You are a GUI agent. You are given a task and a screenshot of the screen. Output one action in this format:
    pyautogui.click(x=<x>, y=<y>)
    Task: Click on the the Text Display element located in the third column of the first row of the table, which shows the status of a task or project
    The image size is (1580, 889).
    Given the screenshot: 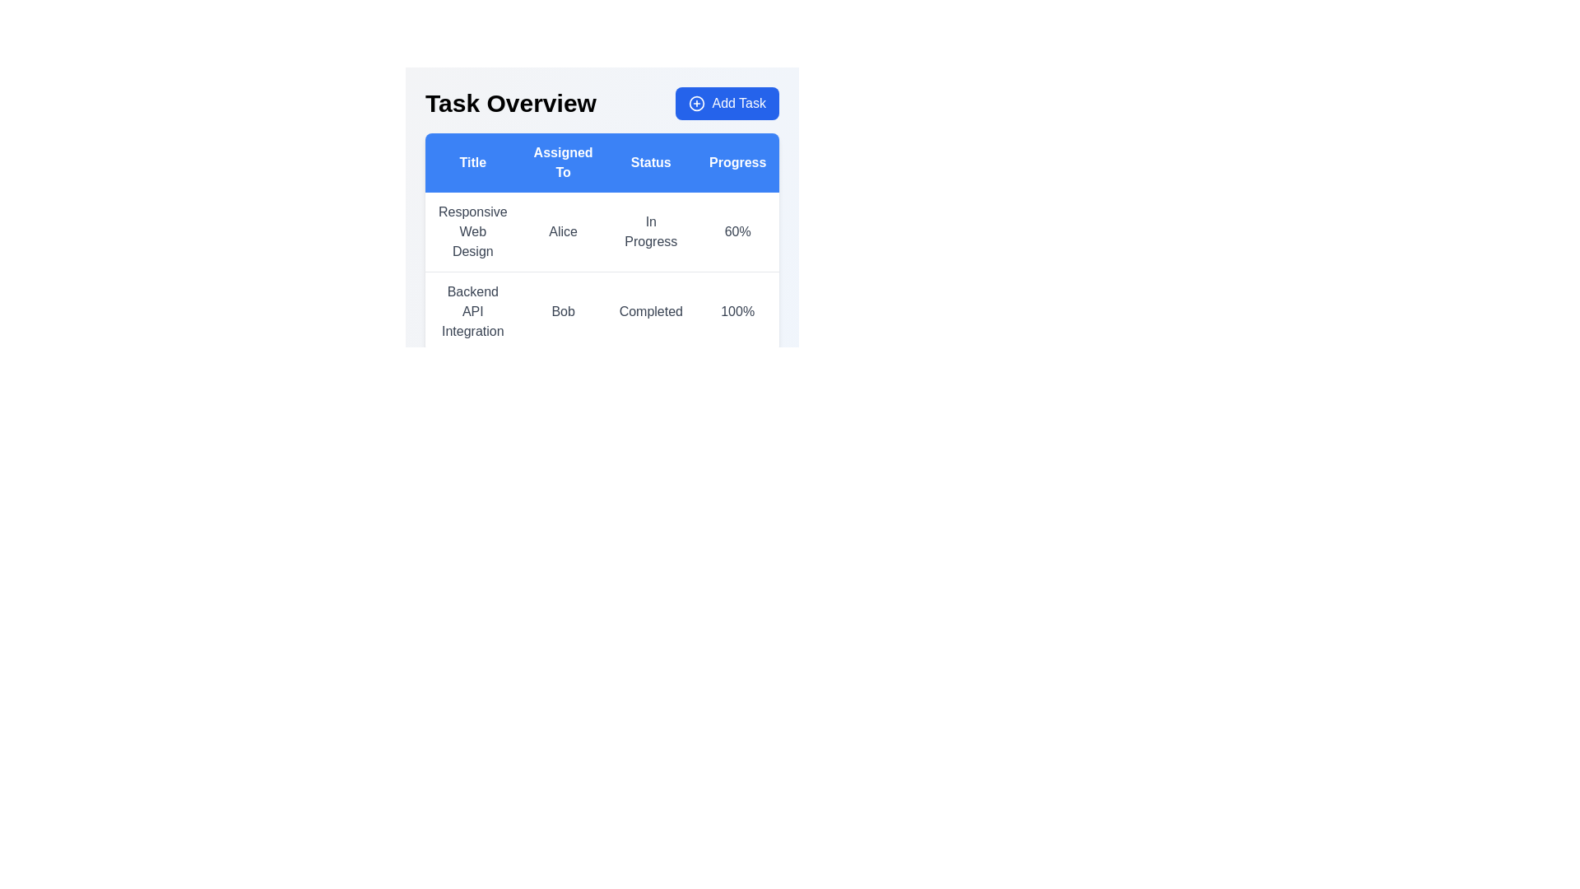 What is the action you would take?
    pyautogui.click(x=651, y=242)
    